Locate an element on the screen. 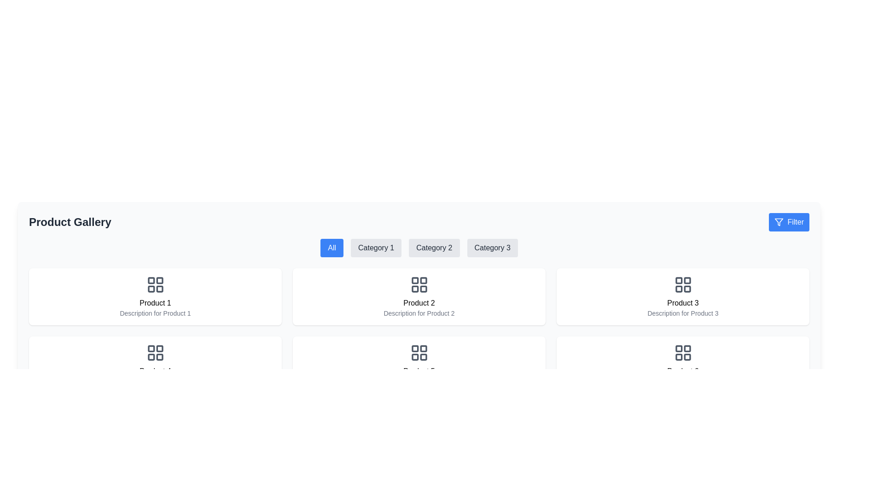 The height and width of the screenshot is (497, 884). the second card in the product gallery, which includes its title, description, and an icon for visual representation is located at coordinates (419, 364).